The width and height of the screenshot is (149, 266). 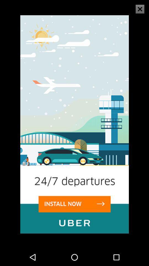 What do you see at coordinates (140, 9) in the screenshot?
I see `the close icon` at bounding box center [140, 9].